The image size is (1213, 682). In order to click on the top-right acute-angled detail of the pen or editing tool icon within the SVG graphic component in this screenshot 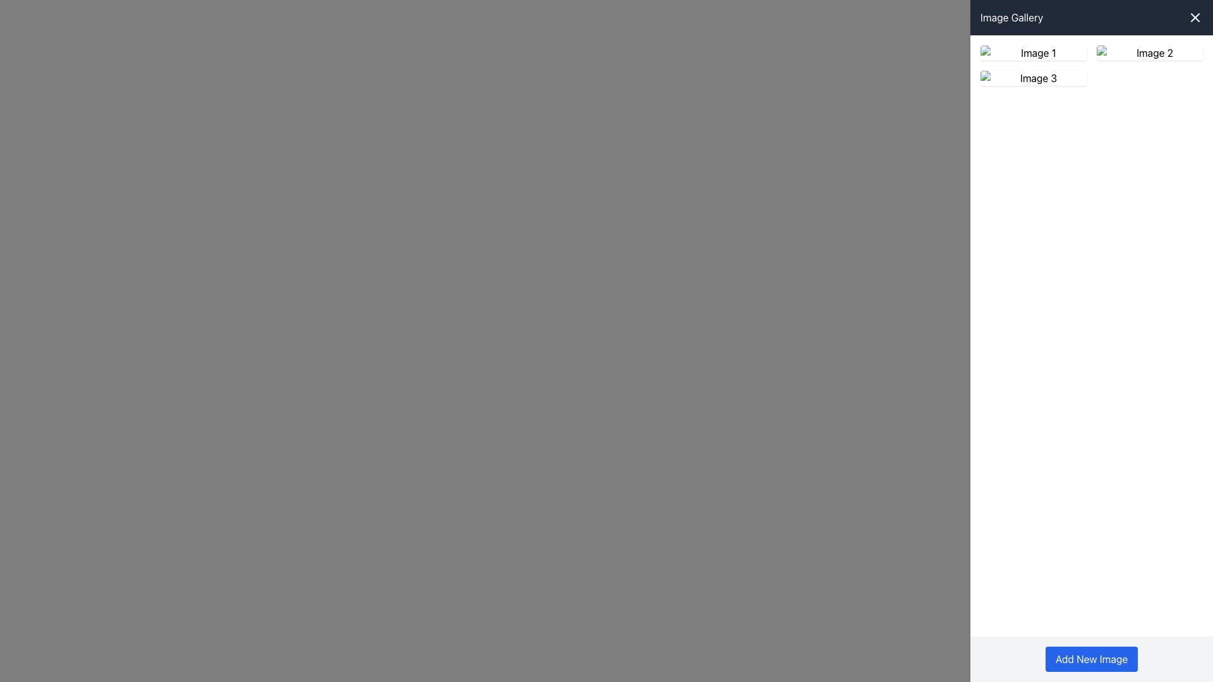, I will do `click(1034, 51)`.